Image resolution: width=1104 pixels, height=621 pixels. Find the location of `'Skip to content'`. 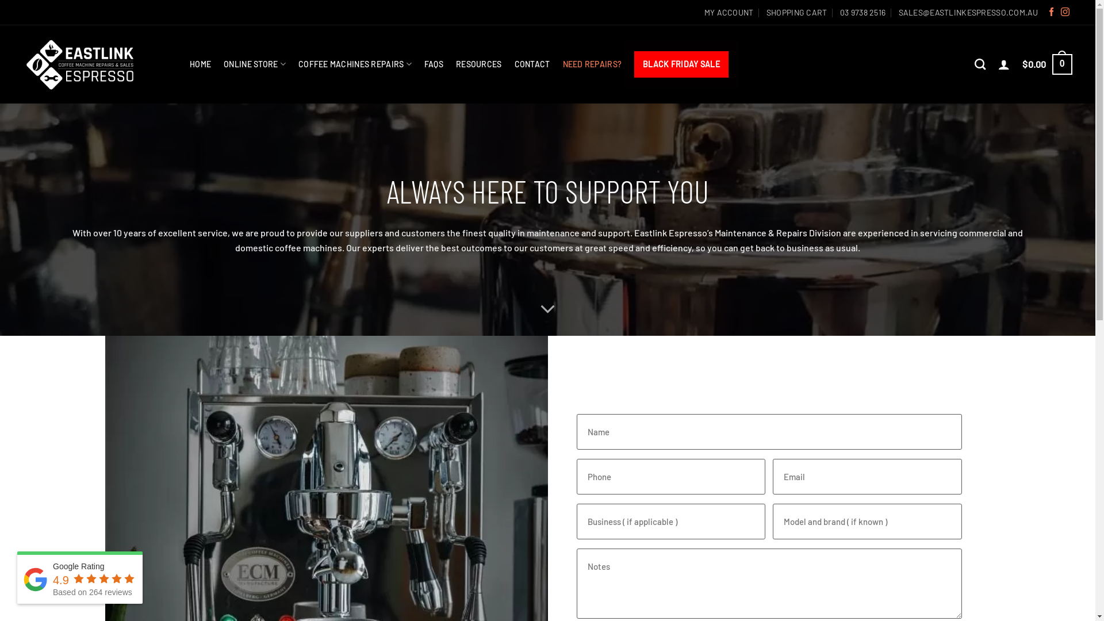

'Skip to content' is located at coordinates (0, 0).